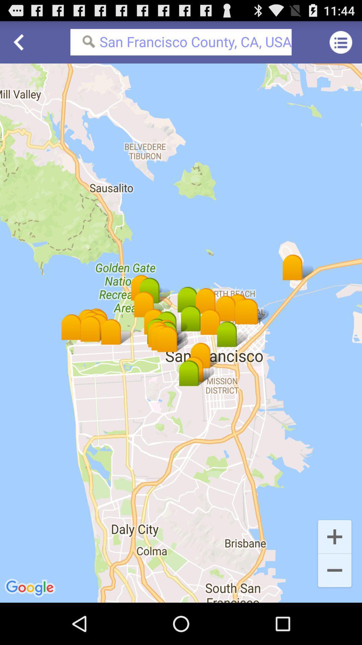  What do you see at coordinates (341, 42) in the screenshot?
I see `the icon next to san francisco county` at bounding box center [341, 42].